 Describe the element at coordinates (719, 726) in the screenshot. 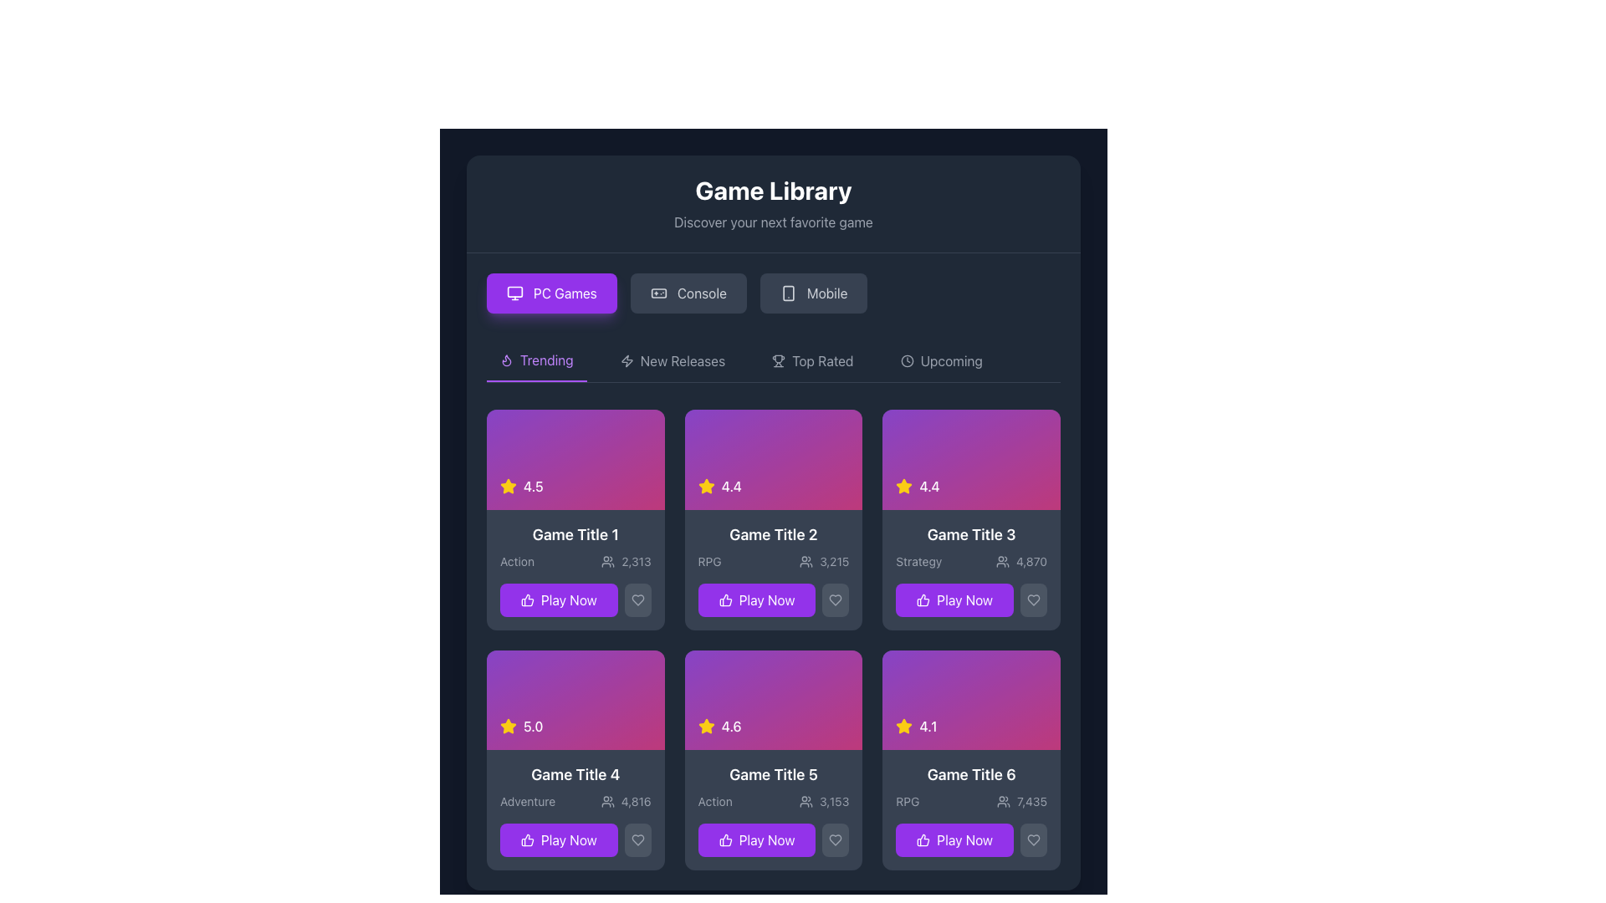

I see `rating text from the icon-text pair located in the bottom-left corner of the 'Game Title 5' card in the second row, middle column of the grid layout` at that location.